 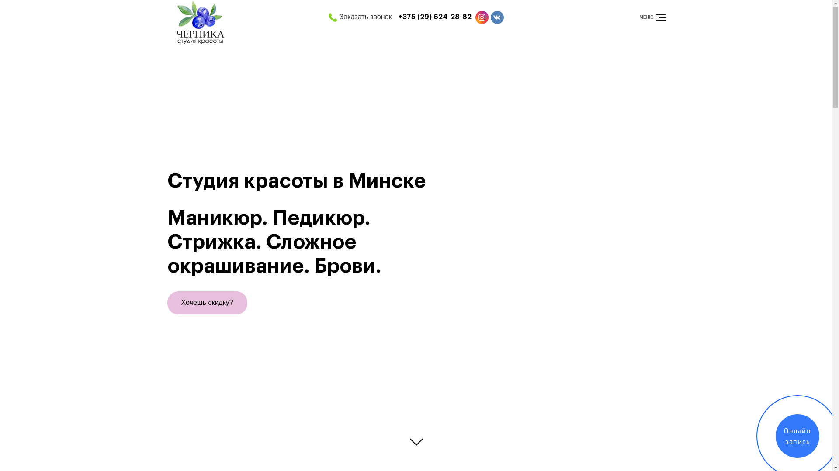 I want to click on '+375 (29) 624-28-82', so click(x=434, y=17).